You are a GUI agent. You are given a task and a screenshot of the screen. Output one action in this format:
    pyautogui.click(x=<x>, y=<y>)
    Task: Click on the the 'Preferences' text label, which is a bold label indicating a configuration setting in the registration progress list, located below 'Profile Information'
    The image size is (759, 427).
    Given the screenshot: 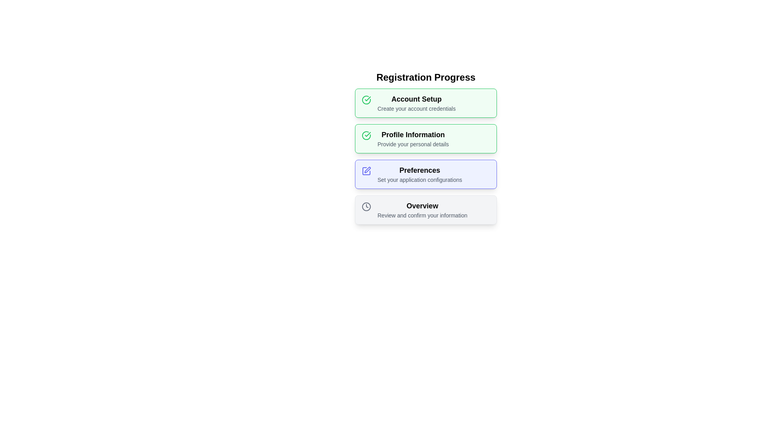 What is the action you would take?
    pyautogui.click(x=419, y=170)
    